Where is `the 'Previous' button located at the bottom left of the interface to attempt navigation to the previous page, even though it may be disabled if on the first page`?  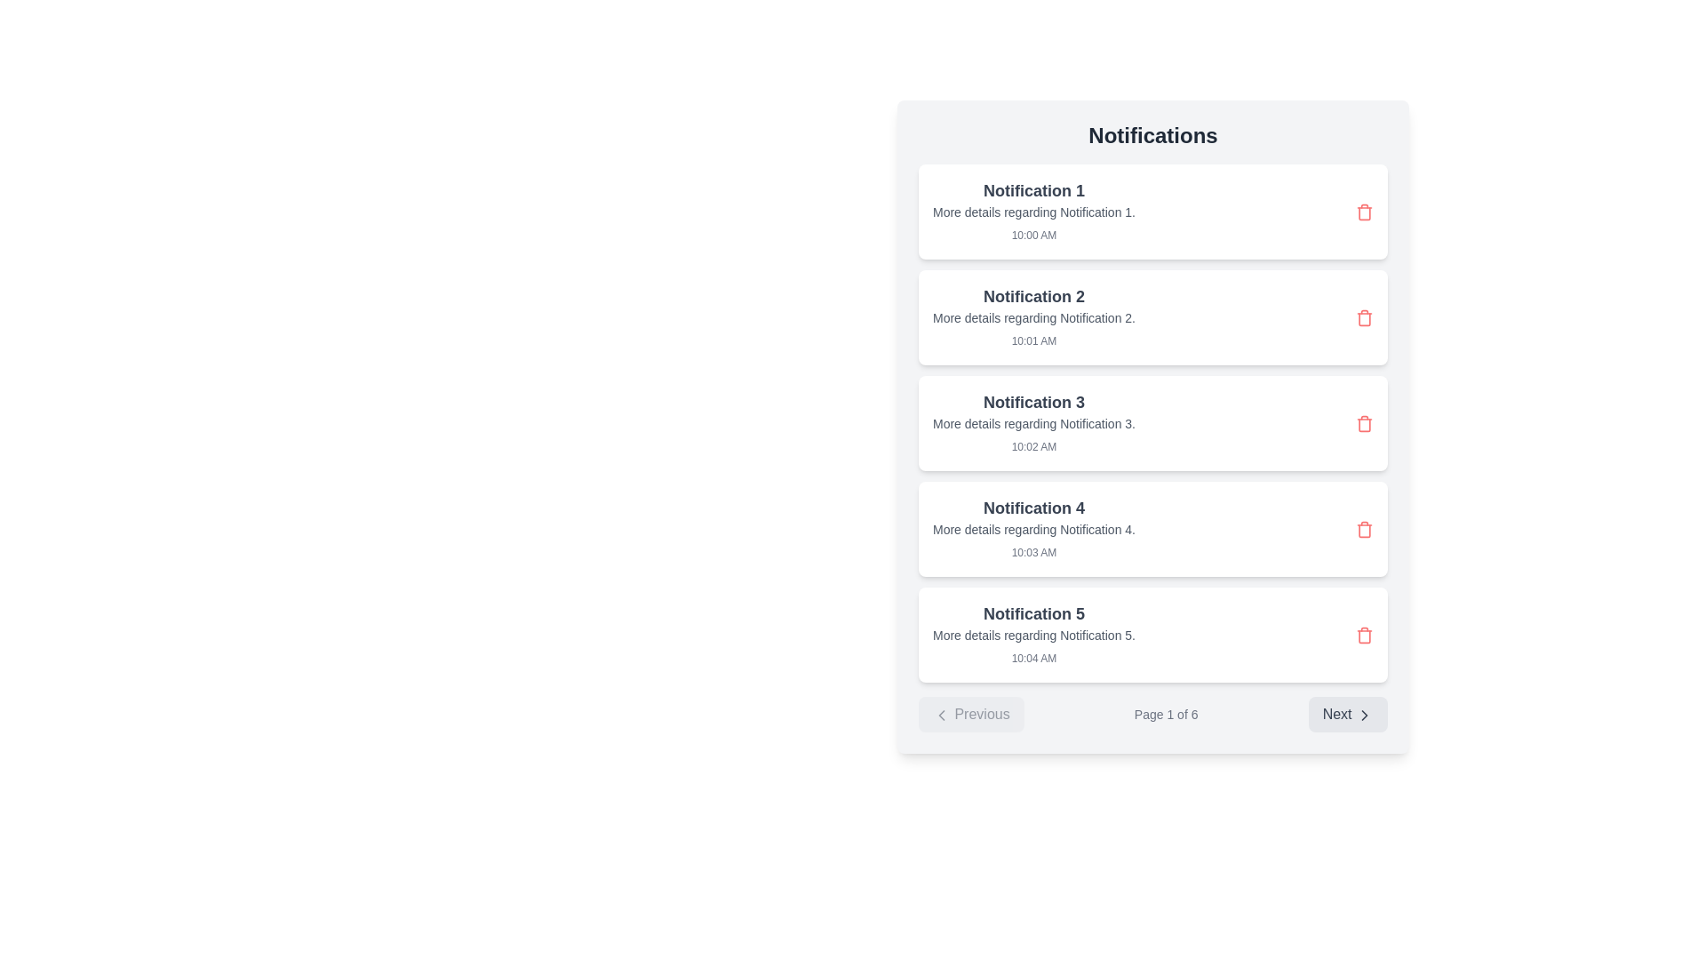 the 'Previous' button located at the bottom left of the interface to attempt navigation to the previous page, even though it may be disabled if on the first page is located at coordinates (970, 713).